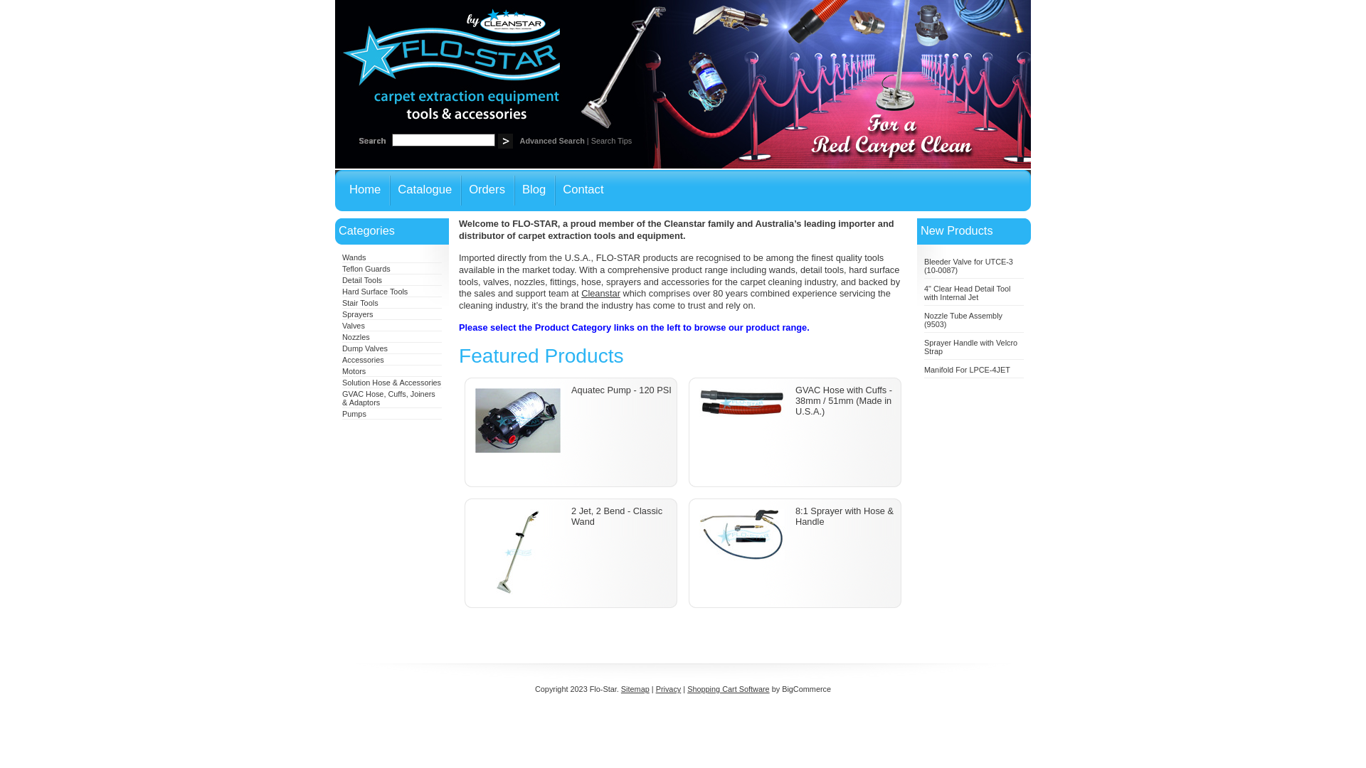 Image resolution: width=1366 pixels, height=768 pixels. What do you see at coordinates (553, 189) in the screenshot?
I see `'Contact'` at bounding box center [553, 189].